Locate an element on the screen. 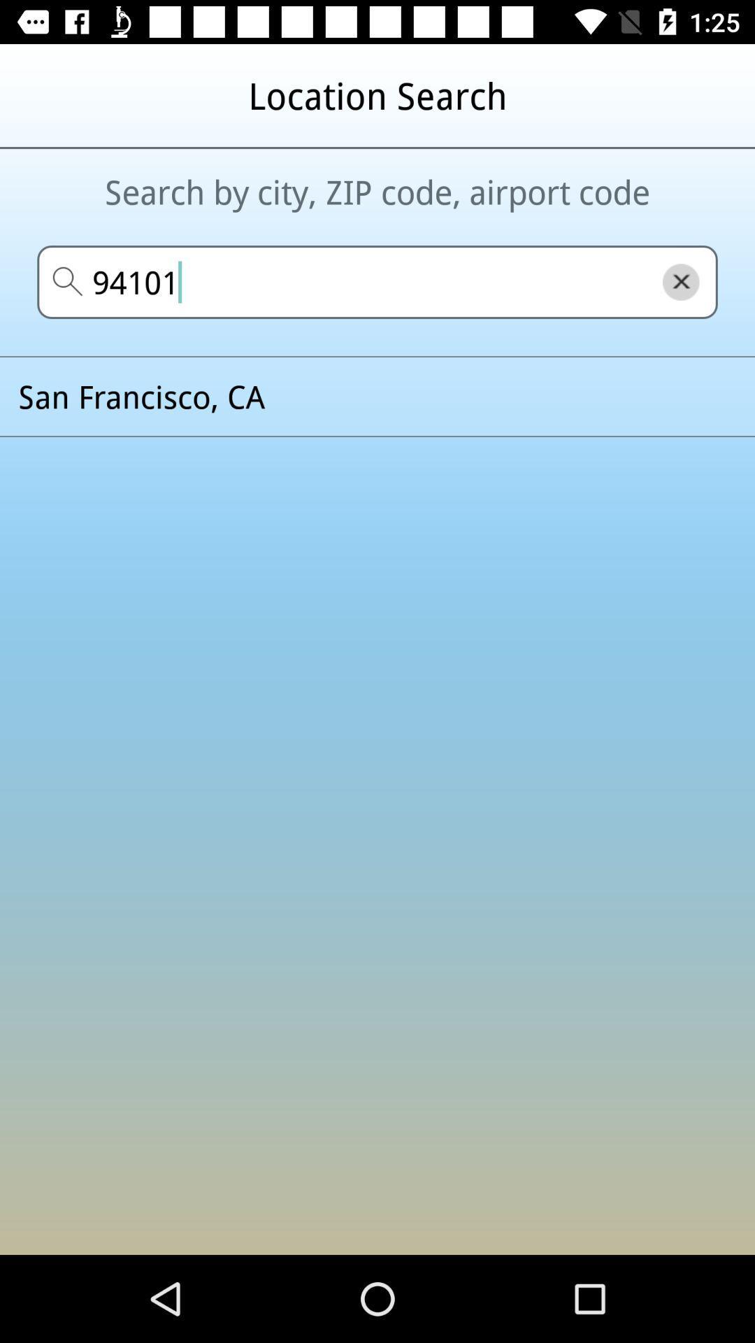 This screenshot has width=755, height=1343. the close icon is located at coordinates (680, 281).